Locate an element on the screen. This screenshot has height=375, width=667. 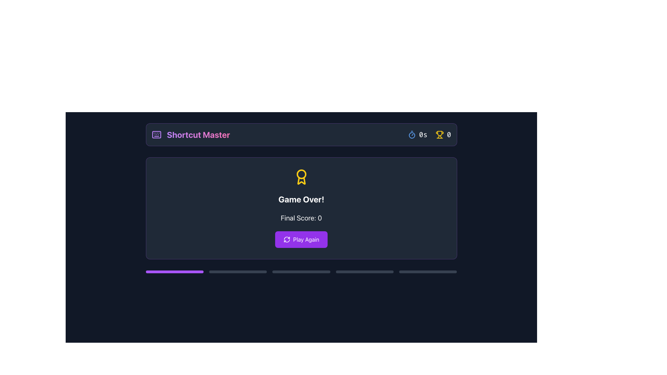
the small yellow trophy icon located in the top-right part of the interface by moving the cursor to its center point is located at coordinates (439, 135).